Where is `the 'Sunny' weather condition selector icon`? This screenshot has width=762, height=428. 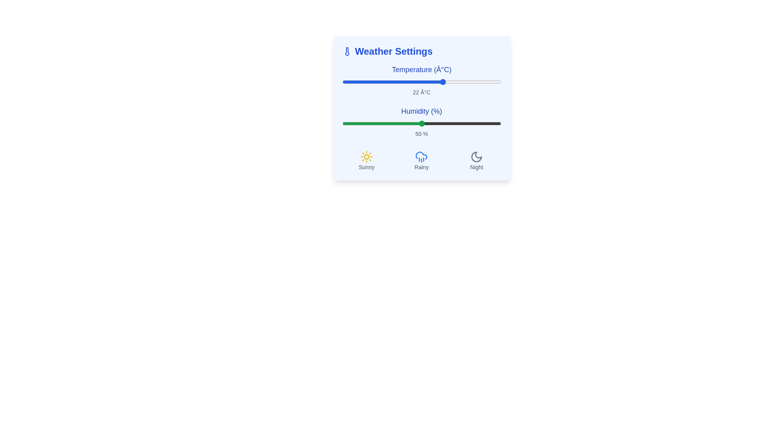
the 'Sunny' weather condition selector icon is located at coordinates (366, 160).